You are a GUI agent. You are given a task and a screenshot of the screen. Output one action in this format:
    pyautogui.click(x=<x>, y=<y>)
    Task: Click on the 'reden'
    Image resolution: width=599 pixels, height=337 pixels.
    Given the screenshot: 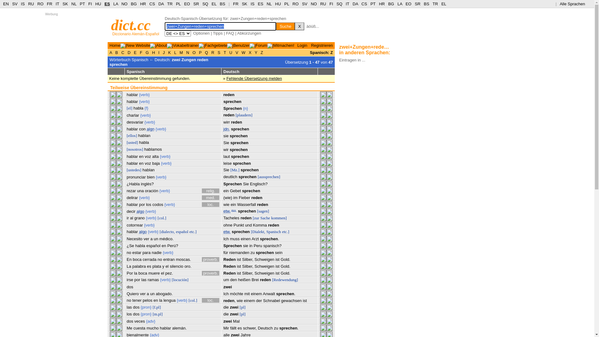 What is the action you would take?
    pyautogui.click(x=228, y=115)
    